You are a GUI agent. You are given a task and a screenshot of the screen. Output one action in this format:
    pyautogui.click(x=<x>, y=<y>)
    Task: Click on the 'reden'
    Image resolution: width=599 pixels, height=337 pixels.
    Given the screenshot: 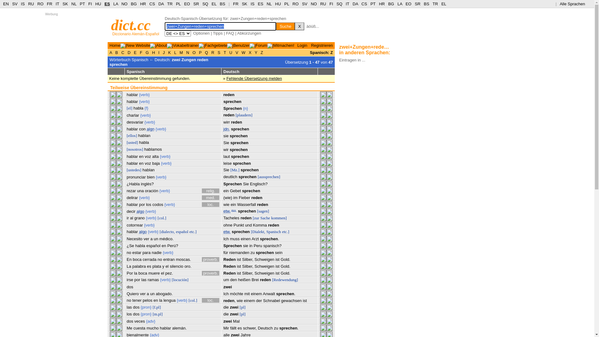 What is the action you would take?
    pyautogui.click(x=228, y=115)
    